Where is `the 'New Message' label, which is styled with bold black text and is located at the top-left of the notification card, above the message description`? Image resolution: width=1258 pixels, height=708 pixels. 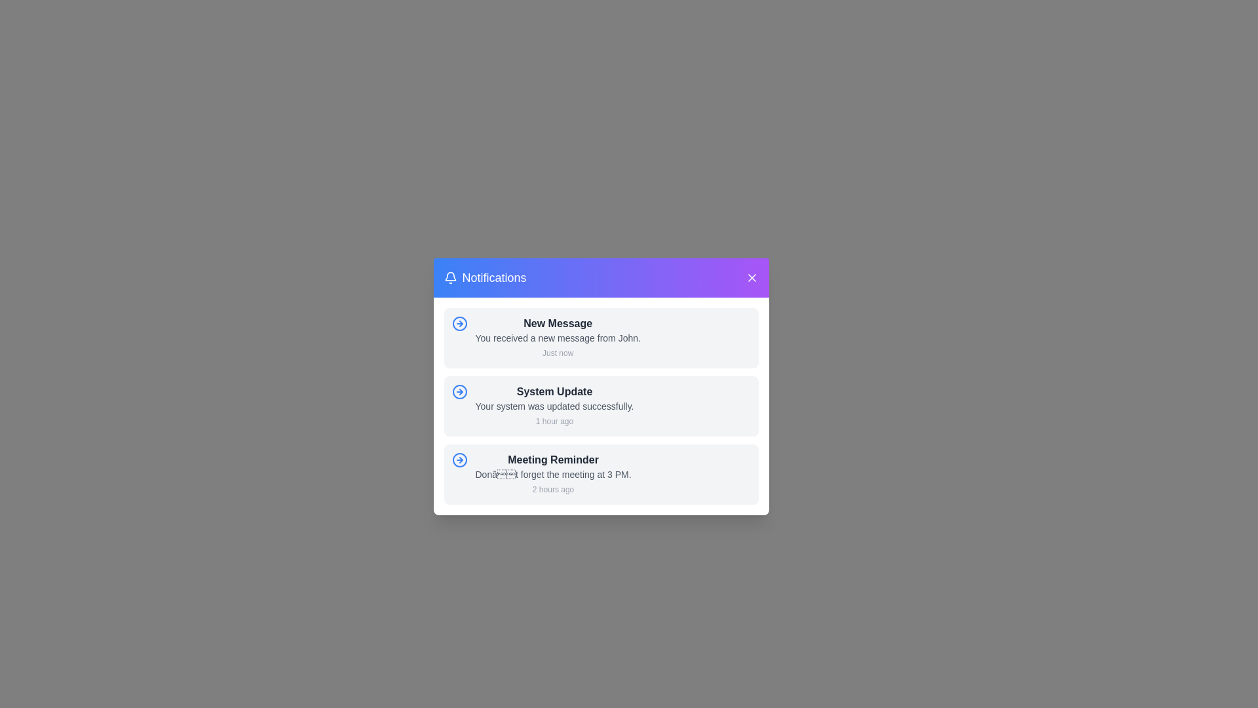 the 'New Message' label, which is styled with bold black text and is located at the top-left of the notification card, above the message description is located at coordinates (558, 323).